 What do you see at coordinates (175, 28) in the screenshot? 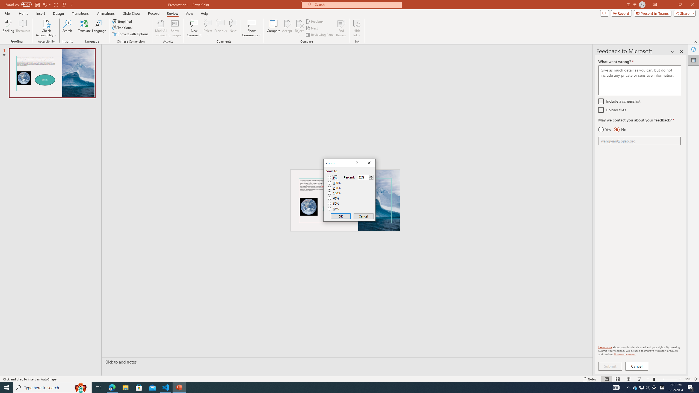
I see `'Show Changes'` at bounding box center [175, 28].